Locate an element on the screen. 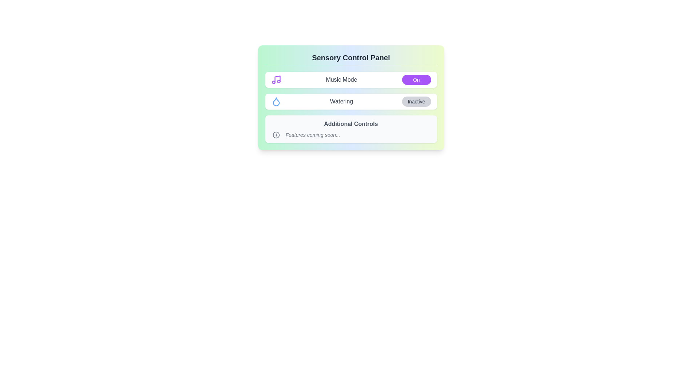 The height and width of the screenshot is (392, 698). the musical note icon representing the 'Music Mode' feature within the control panel, located at the top-left section of the 'Music Mode' panel is located at coordinates (276, 79).